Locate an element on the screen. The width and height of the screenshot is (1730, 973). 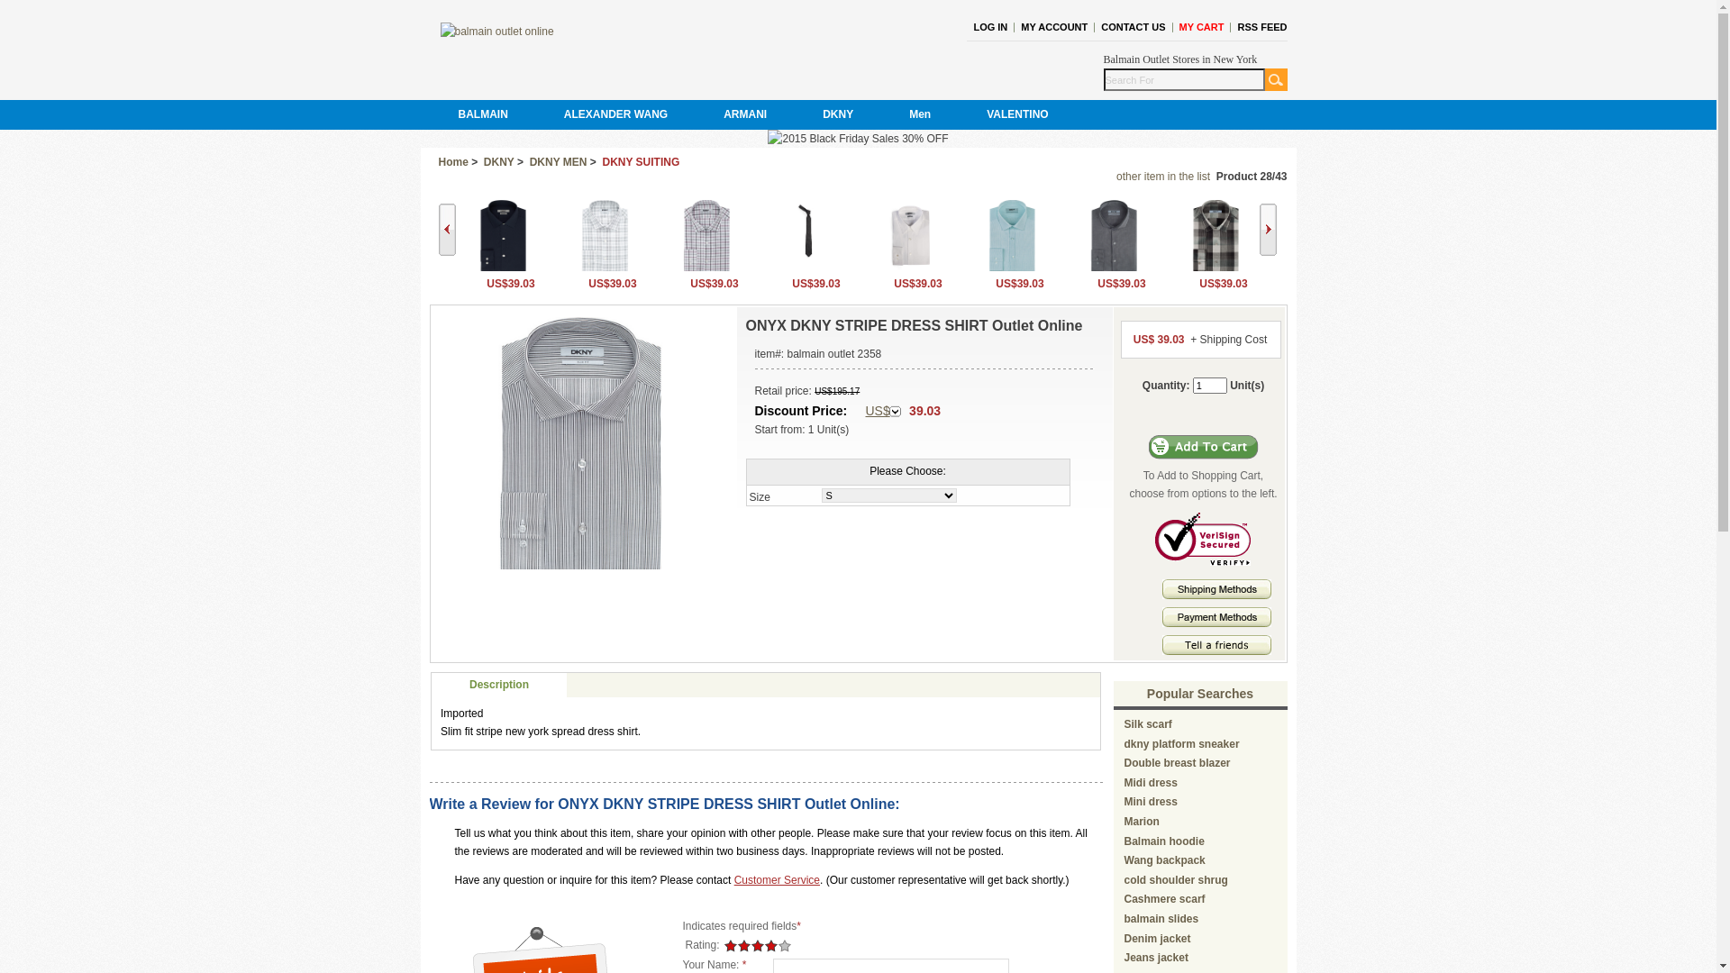
'CONTACT US' is located at coordinates (1132, 27).